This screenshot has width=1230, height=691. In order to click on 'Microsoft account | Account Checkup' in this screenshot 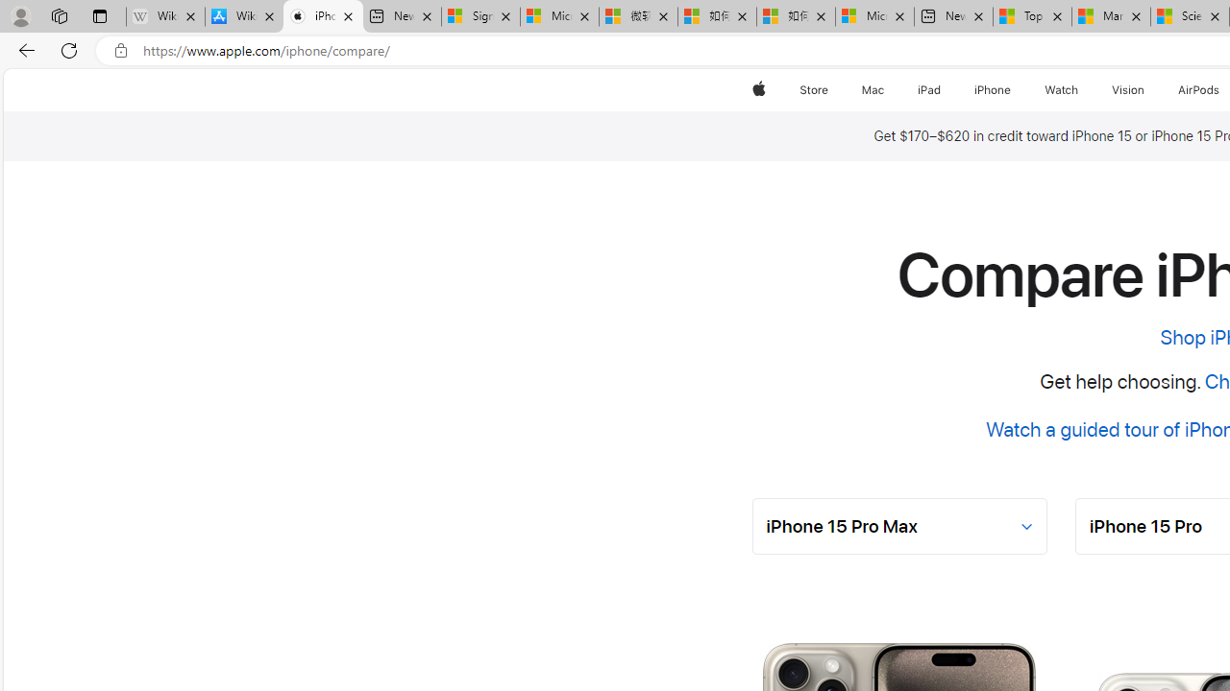, I will do `click(873, 16)`.